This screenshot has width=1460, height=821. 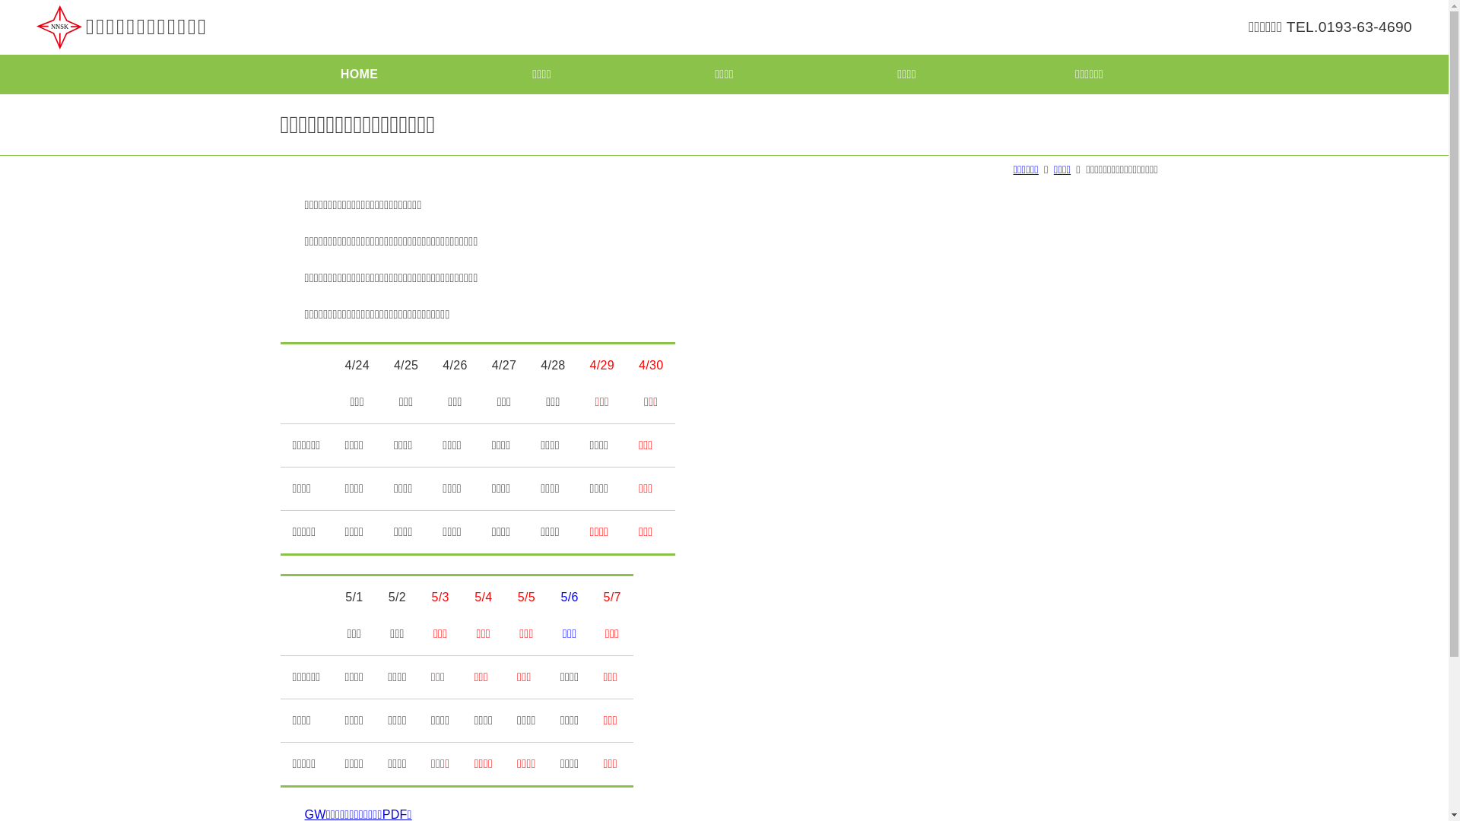 What do you see at coordinates (357, 74) in the screenshot?
I see `'HOME'` at bounding box center [357, 74].